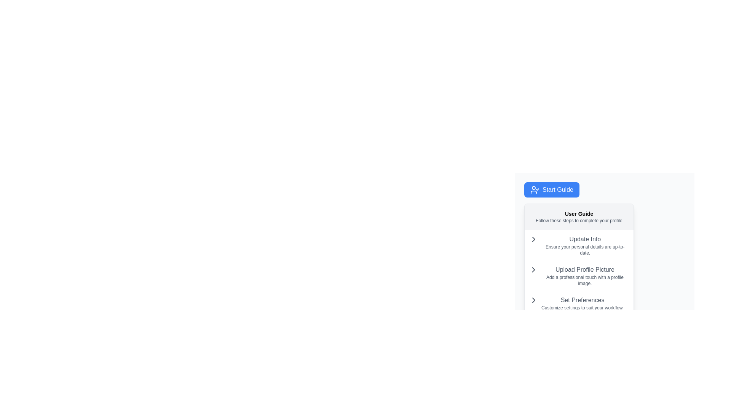 Image resolution: width=731 pixels, height=411 pixels. What do you see at coordinates (533, 239) in the screenshot?
I see `the small, right-pointing chevron icon adjacent to the 'Upload Profile Picture' text in the user guide panel` at bounding box center [533, 239].